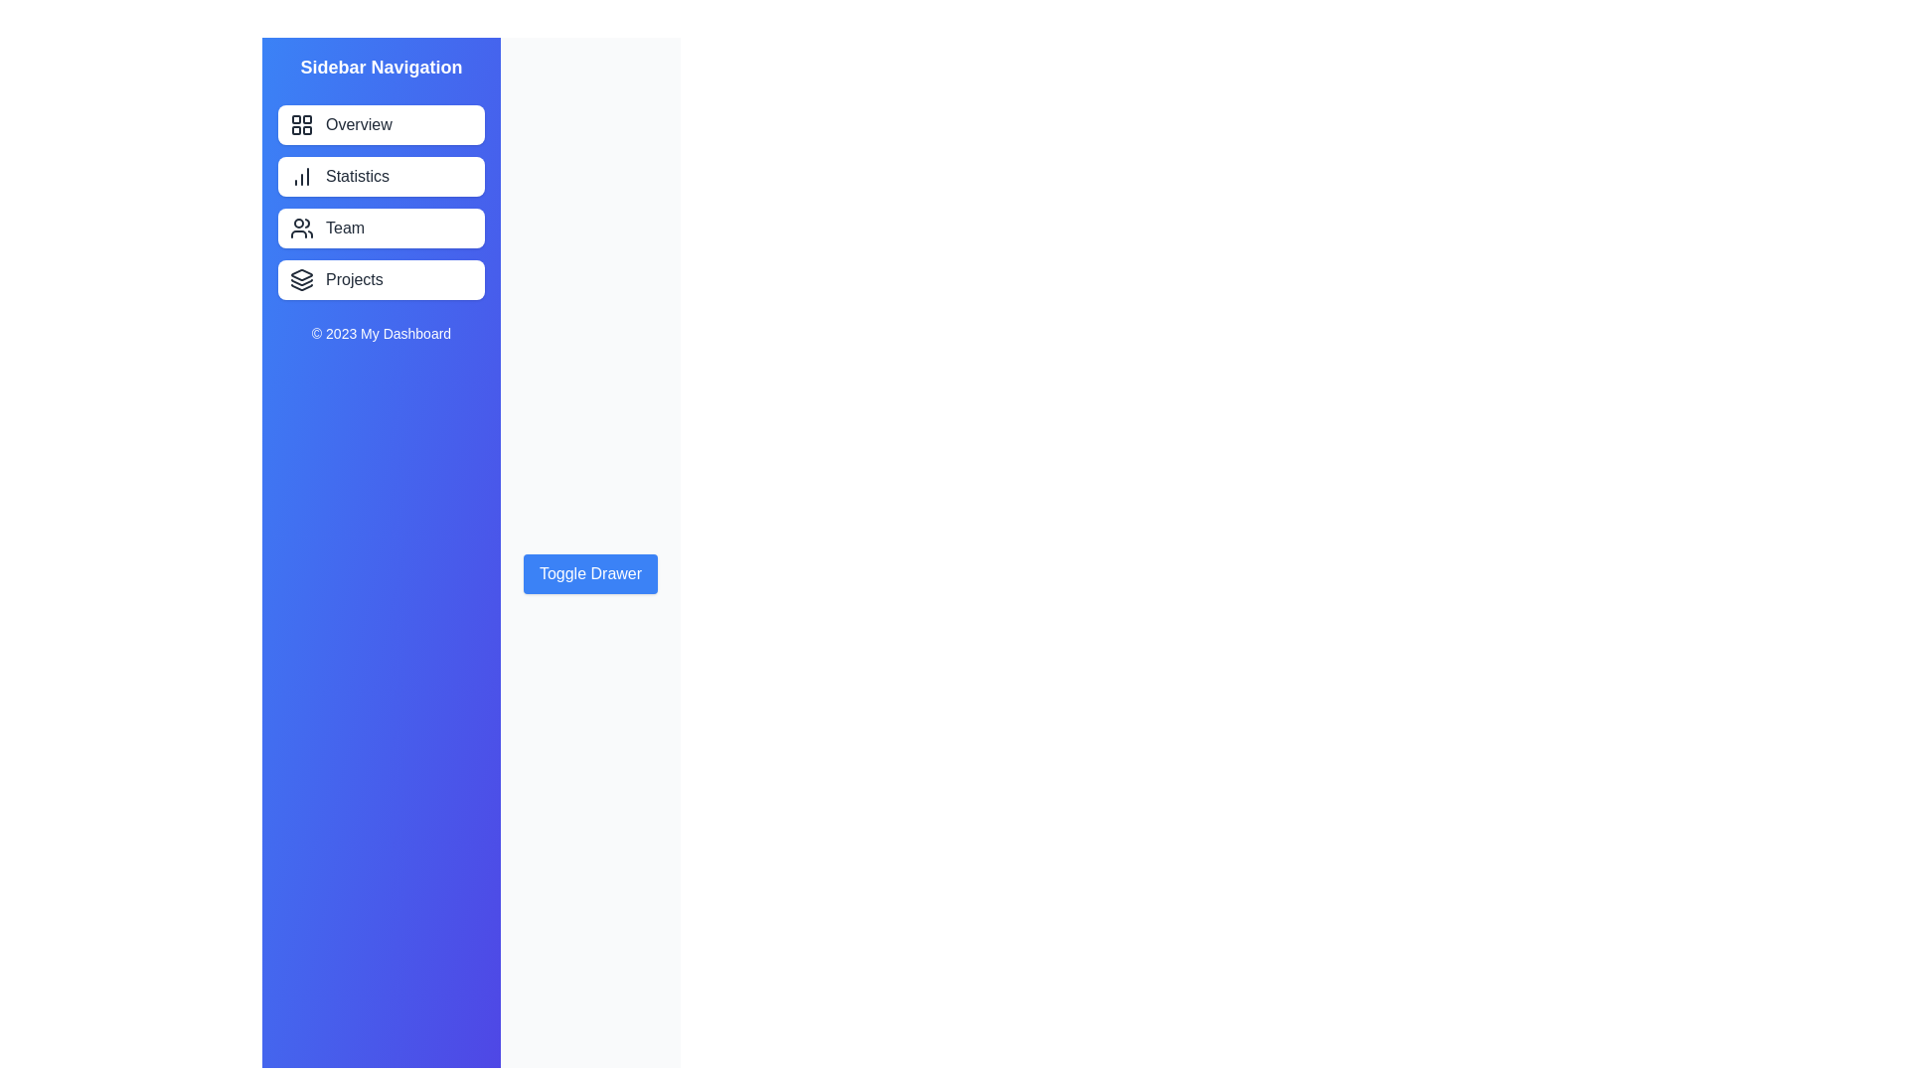 The image size is (1908, 1073). I want to click on the sidebar menu item Overview, so click(382, 125).